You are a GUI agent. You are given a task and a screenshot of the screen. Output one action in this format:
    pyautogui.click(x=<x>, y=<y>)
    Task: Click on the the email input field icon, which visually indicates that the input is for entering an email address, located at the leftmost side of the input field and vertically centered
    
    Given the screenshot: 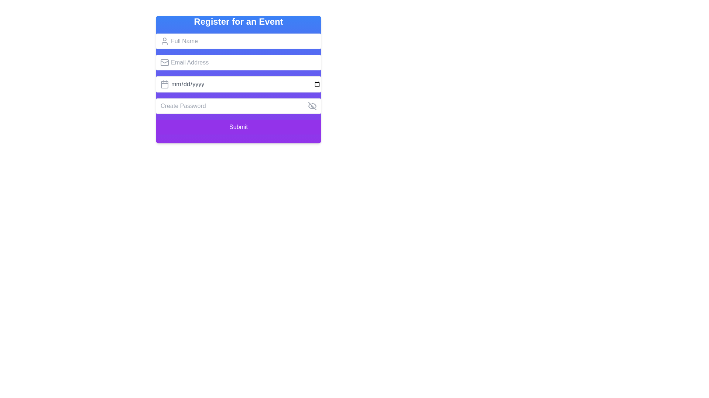 What is the action you would take?
    pyautogui.click(x=164, y=62)
    